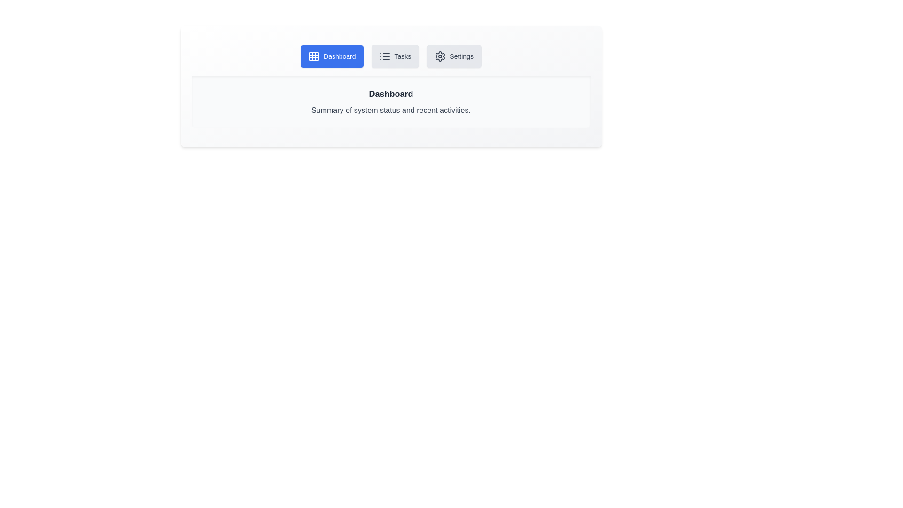 This screenshot has width=903, height=508. What do you see at coordinates (332, 56) in the screenshot?
I see `the active tab labeled 'Dashboard'` at bounding box center [332, 56].